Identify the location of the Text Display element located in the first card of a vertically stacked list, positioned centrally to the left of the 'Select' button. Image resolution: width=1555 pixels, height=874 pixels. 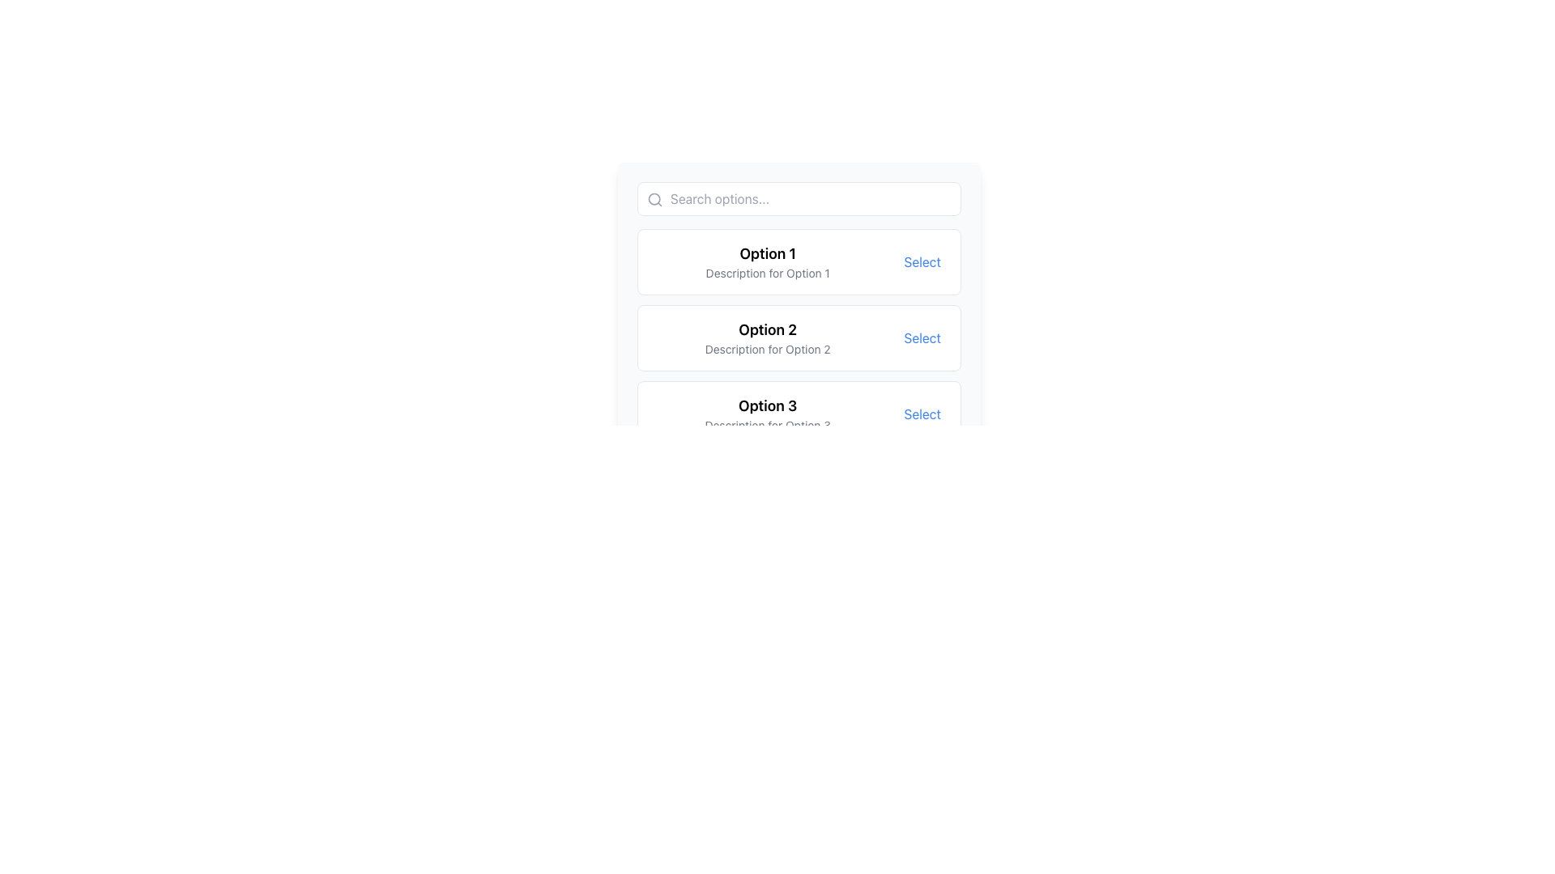
(767, 261).